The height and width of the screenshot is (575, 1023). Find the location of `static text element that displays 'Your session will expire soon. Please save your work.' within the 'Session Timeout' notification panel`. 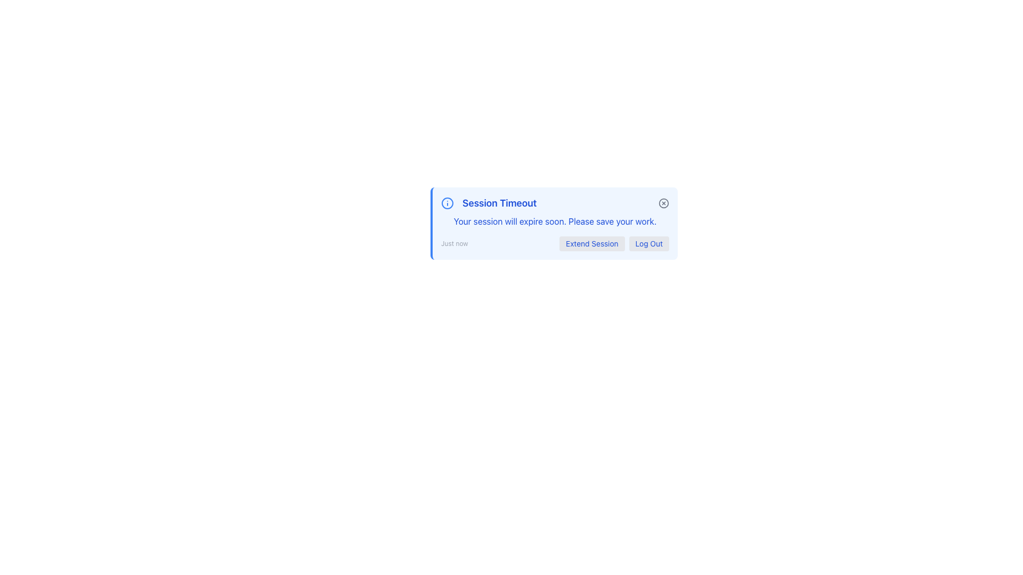

static text element that displays 'Your session will expire soon. Please save your work.' within the 'Session Timeout' notification panel is located at coordinates (554, 221).